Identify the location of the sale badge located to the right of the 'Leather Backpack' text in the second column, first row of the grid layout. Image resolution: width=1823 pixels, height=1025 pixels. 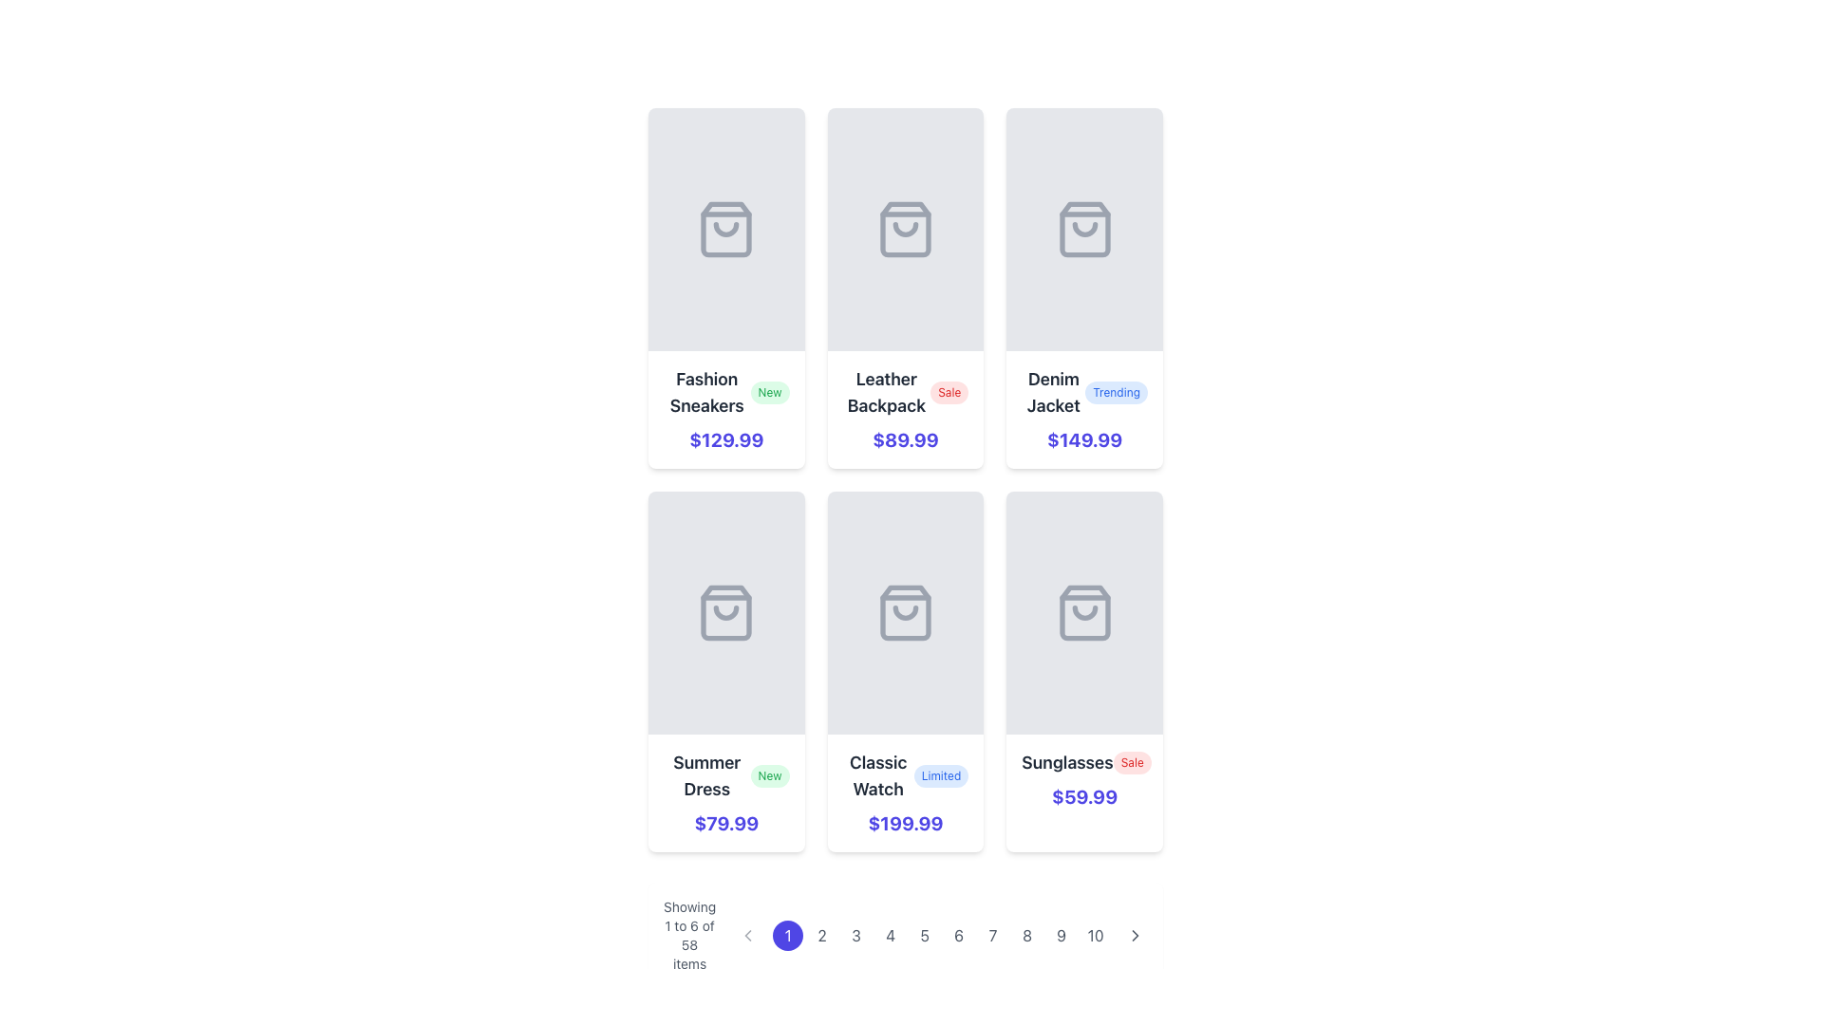
(949, 391).